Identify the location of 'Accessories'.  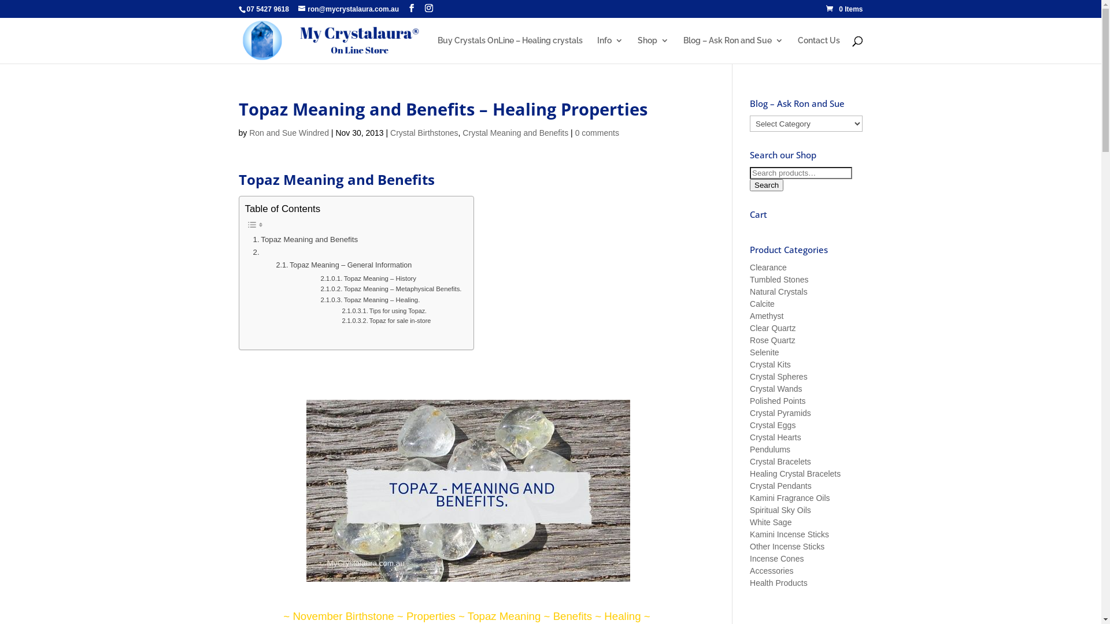
(771, 570).